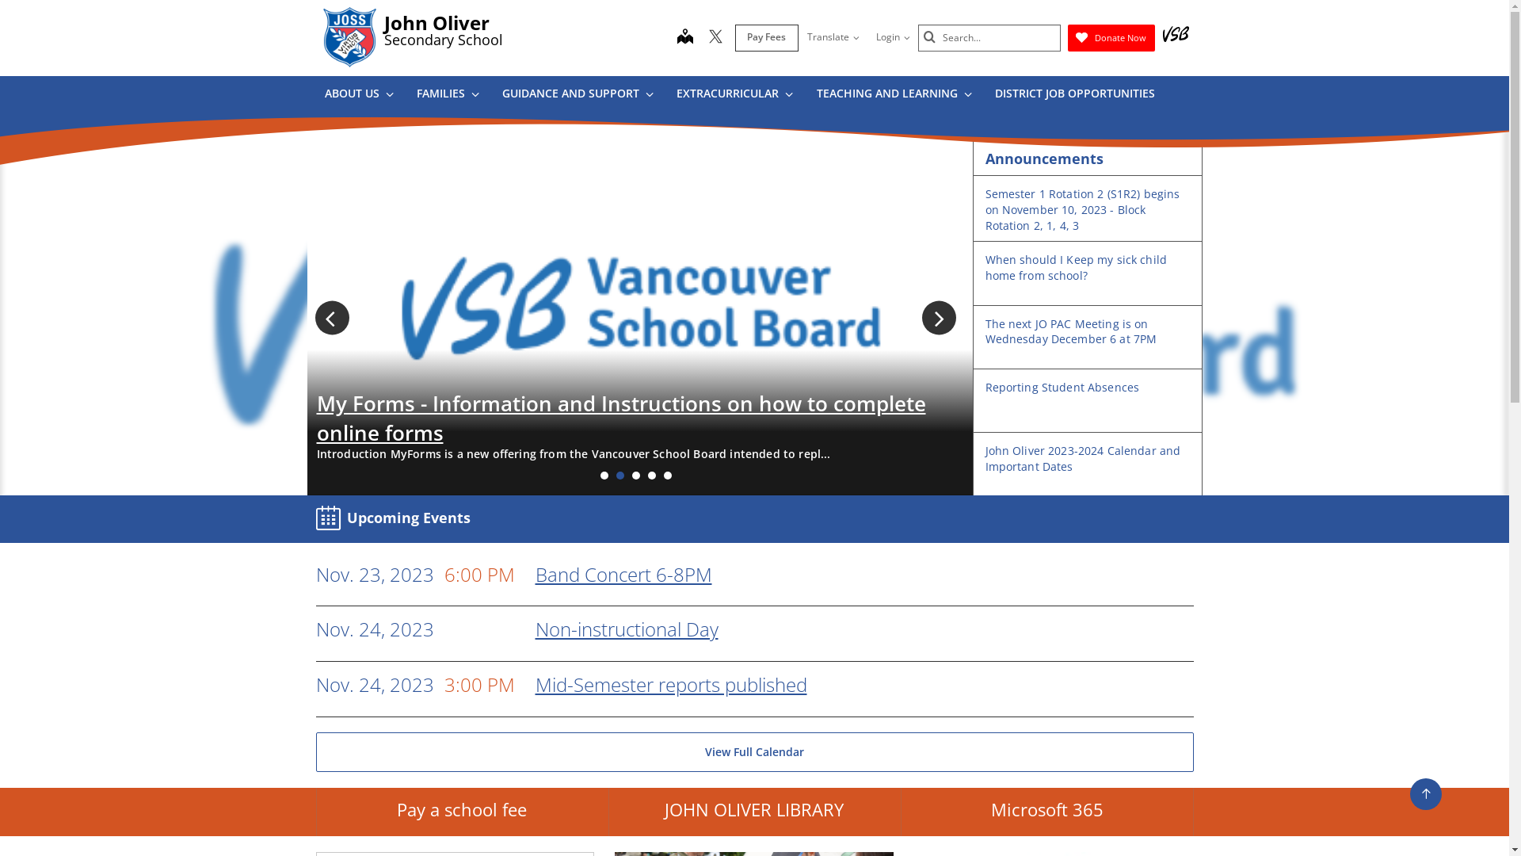  Describe the element at coordinates (1082, 458) in the screenshot. I see `'John Oliver 2023-2024 Calendar and Important Dates'` at that location.